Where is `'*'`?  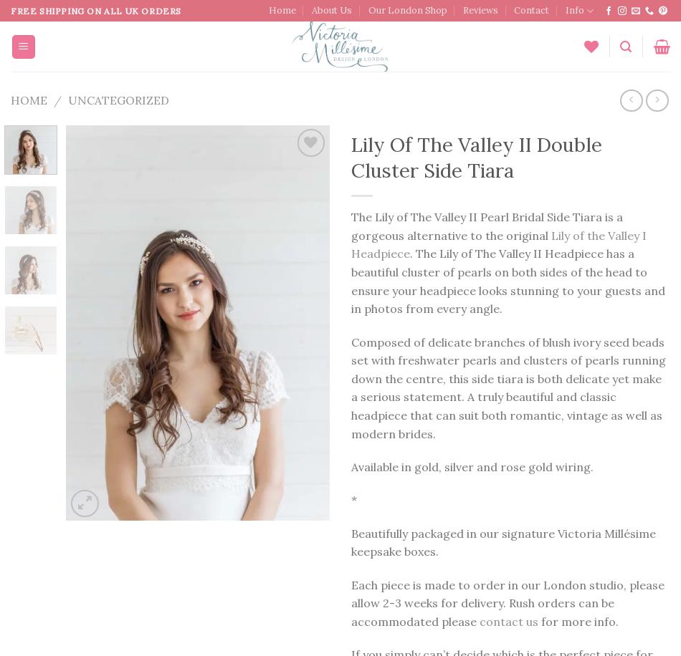
'*' is located at coordinates (354, 499).